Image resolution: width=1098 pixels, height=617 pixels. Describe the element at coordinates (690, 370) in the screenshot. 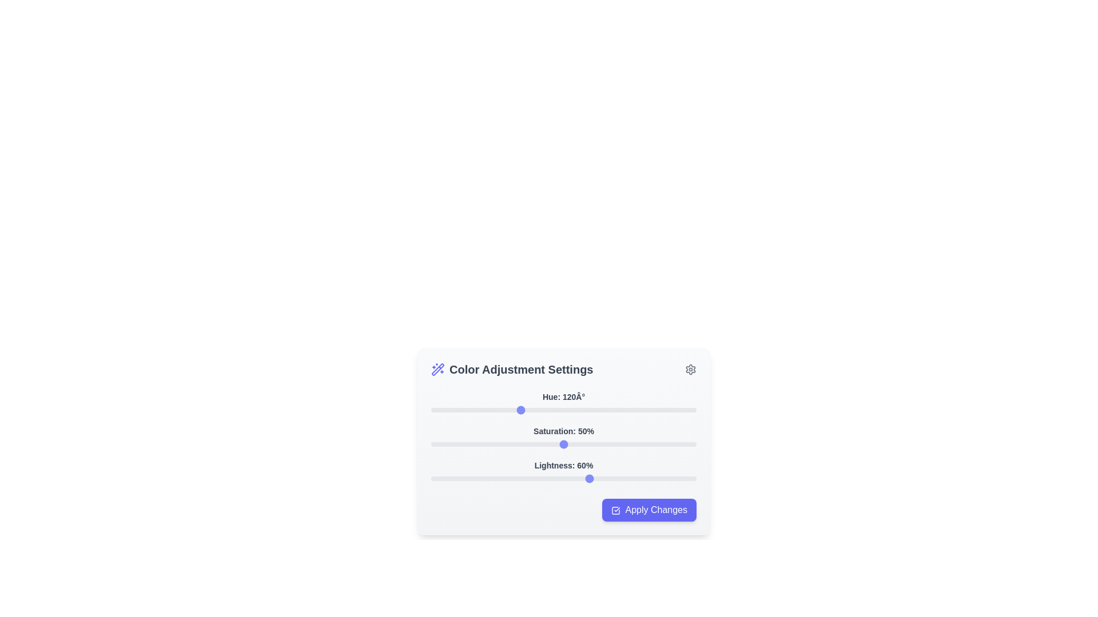

I see `the cogwheel icon located in the upper left corner of the 'Color Adjustment Settings' panel` at that location.